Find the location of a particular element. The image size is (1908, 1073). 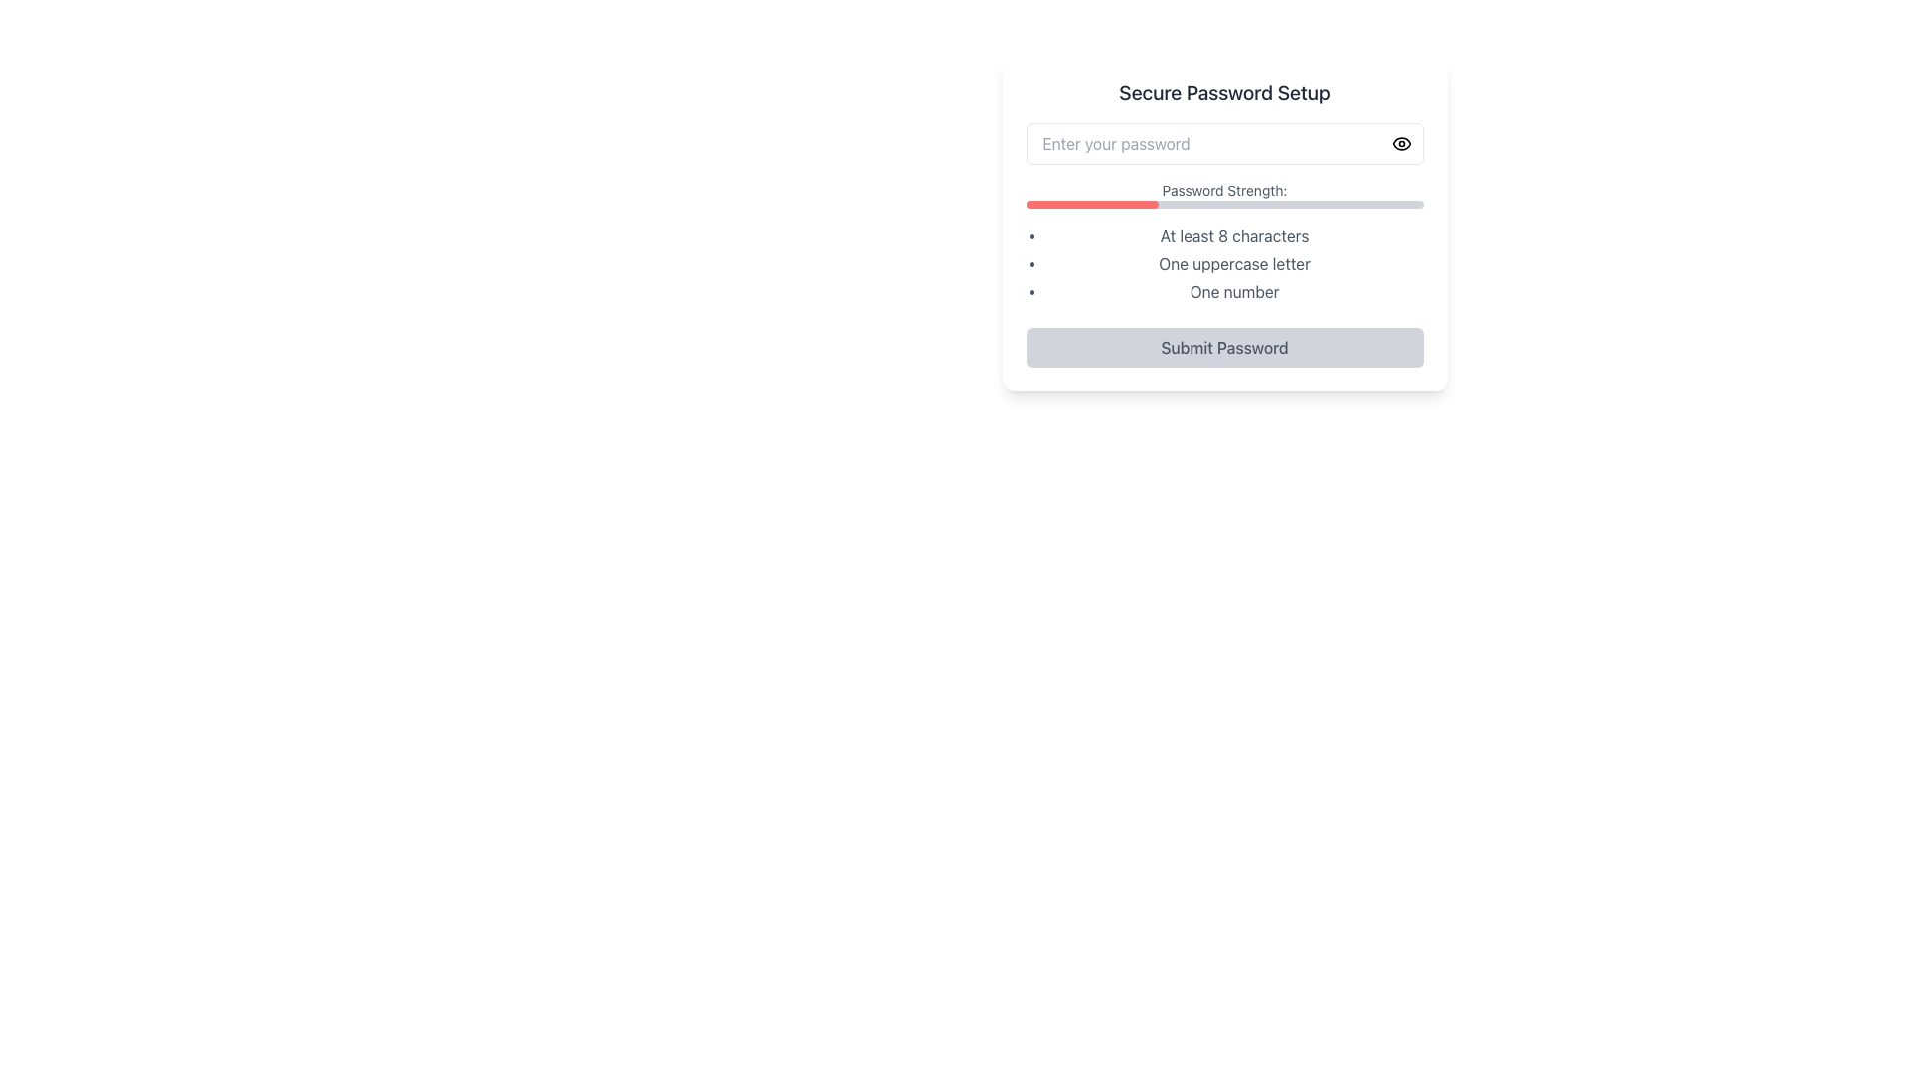

the informative label that indicates the purpose of the progress bar for password strength, located in the middle of the password setup form, directly below the password input field is located at coordinates (1223, 191).